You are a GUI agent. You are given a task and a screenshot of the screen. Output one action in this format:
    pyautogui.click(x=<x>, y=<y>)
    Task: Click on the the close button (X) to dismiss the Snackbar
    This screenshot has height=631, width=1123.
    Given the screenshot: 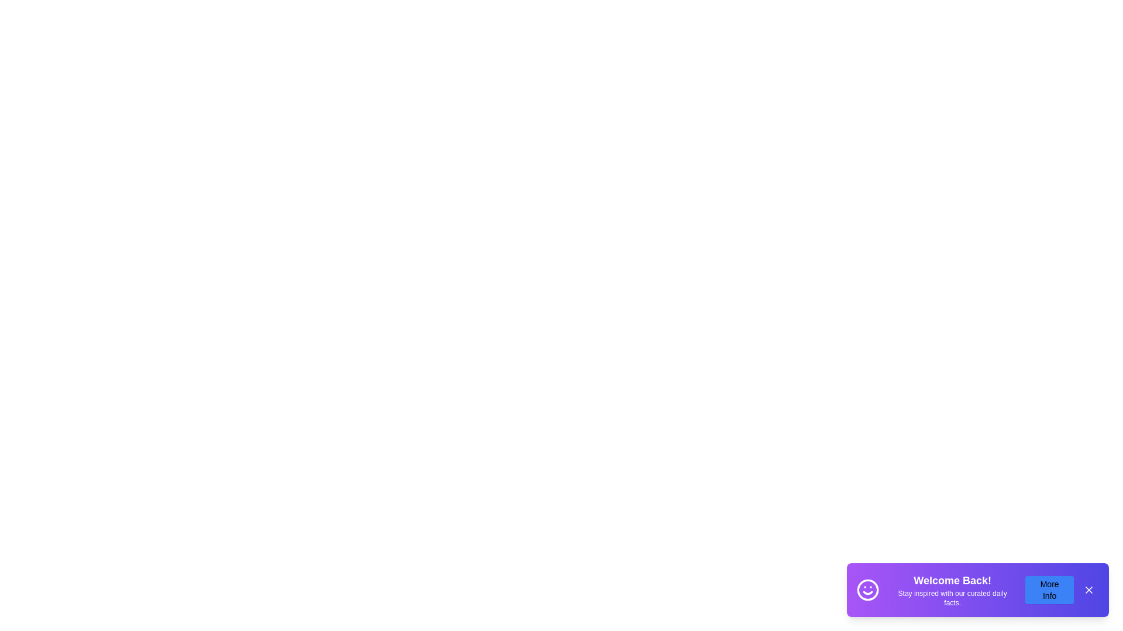 What is the action you would take?
    pyautogui.click(x=1088, y=590)
    